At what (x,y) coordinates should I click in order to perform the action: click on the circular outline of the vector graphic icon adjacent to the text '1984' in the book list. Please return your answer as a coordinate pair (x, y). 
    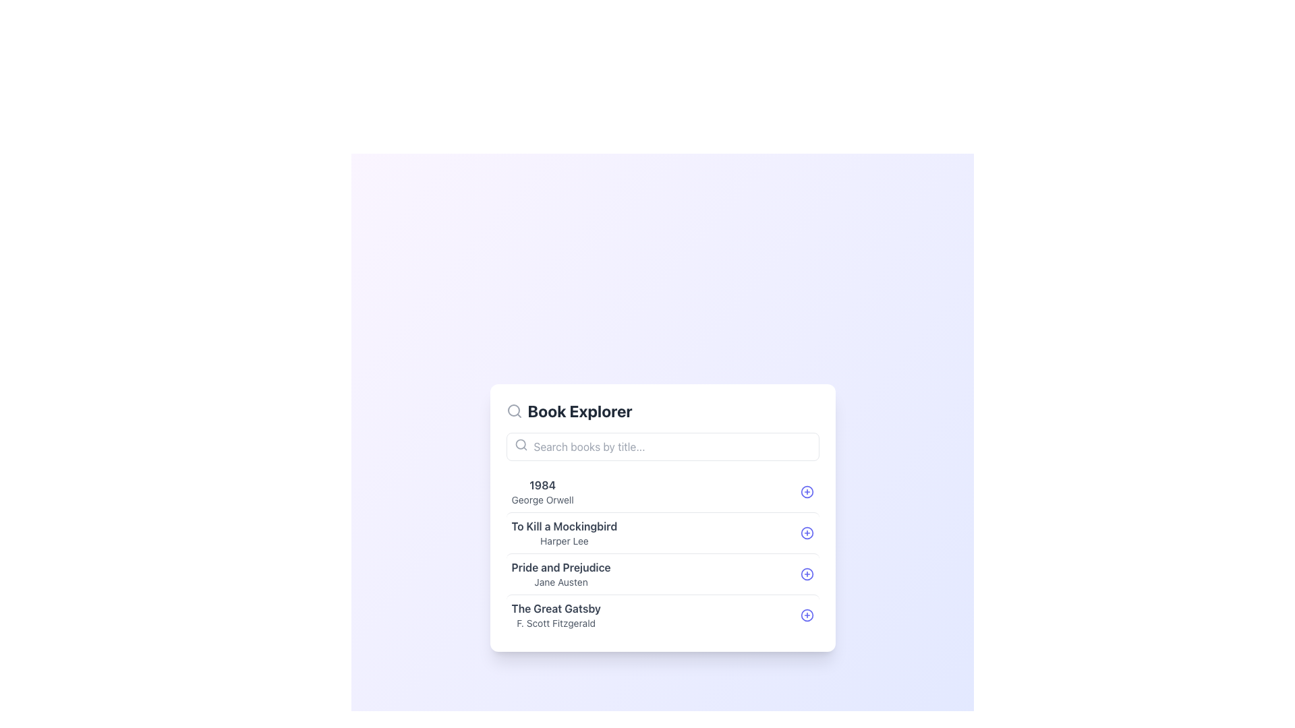
    Looking at the image, I should click on (807, 491).